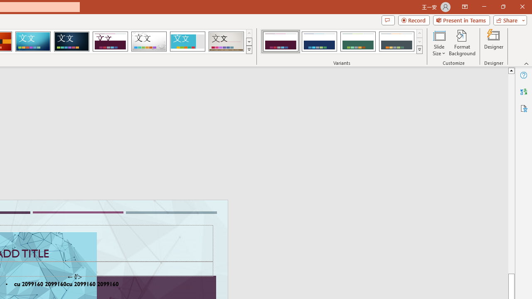 This screenshot has width=532, height=299. Describe the element at coordinates (226, 42) in the screenshot. I see `'Gallery'` at that location.